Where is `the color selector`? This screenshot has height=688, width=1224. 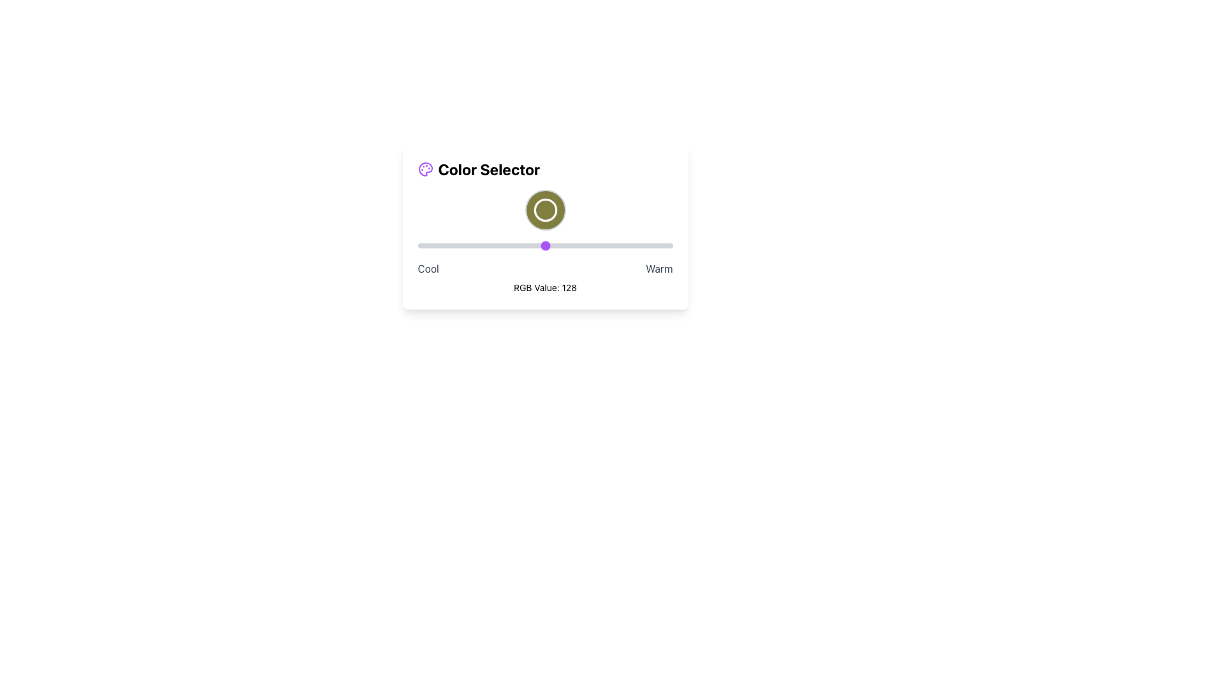 the color selector is located at coordinates (662, 245).